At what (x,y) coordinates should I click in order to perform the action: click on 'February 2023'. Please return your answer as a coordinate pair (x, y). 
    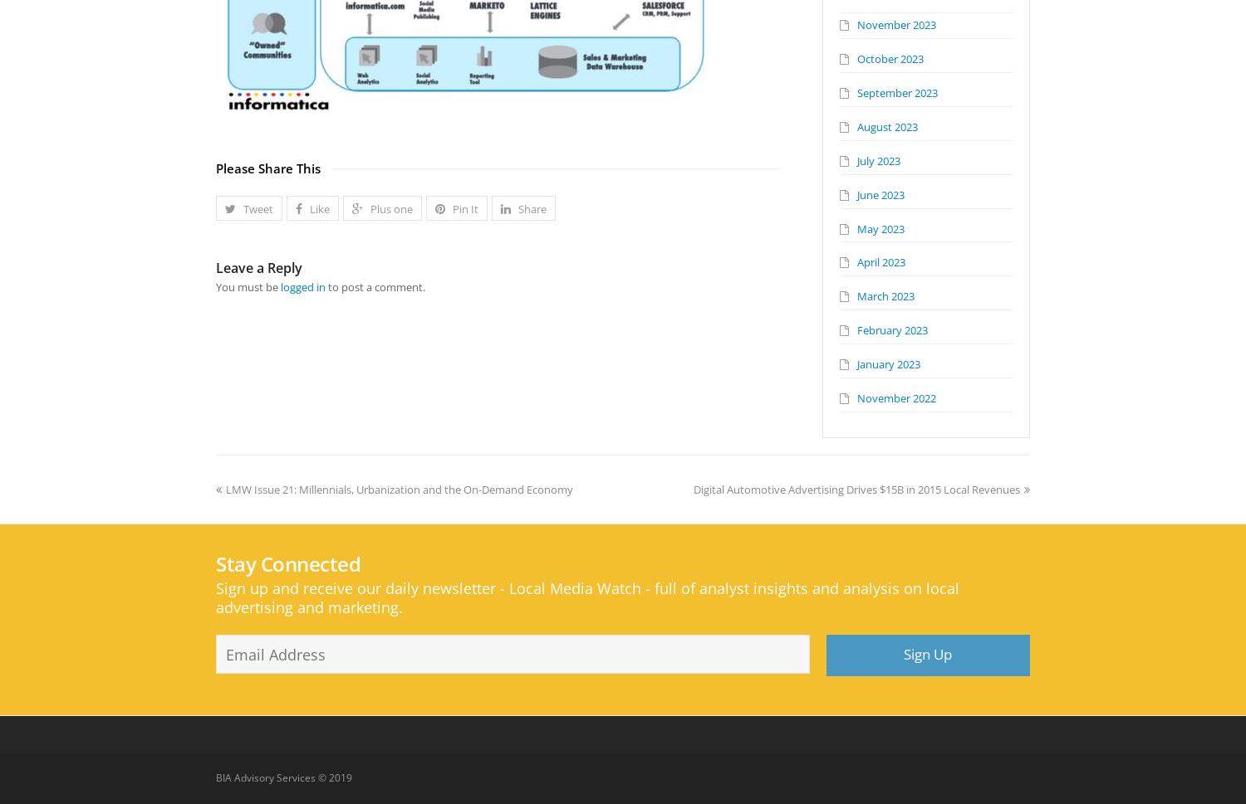
    Looking at the image, I should click on (891, 329).